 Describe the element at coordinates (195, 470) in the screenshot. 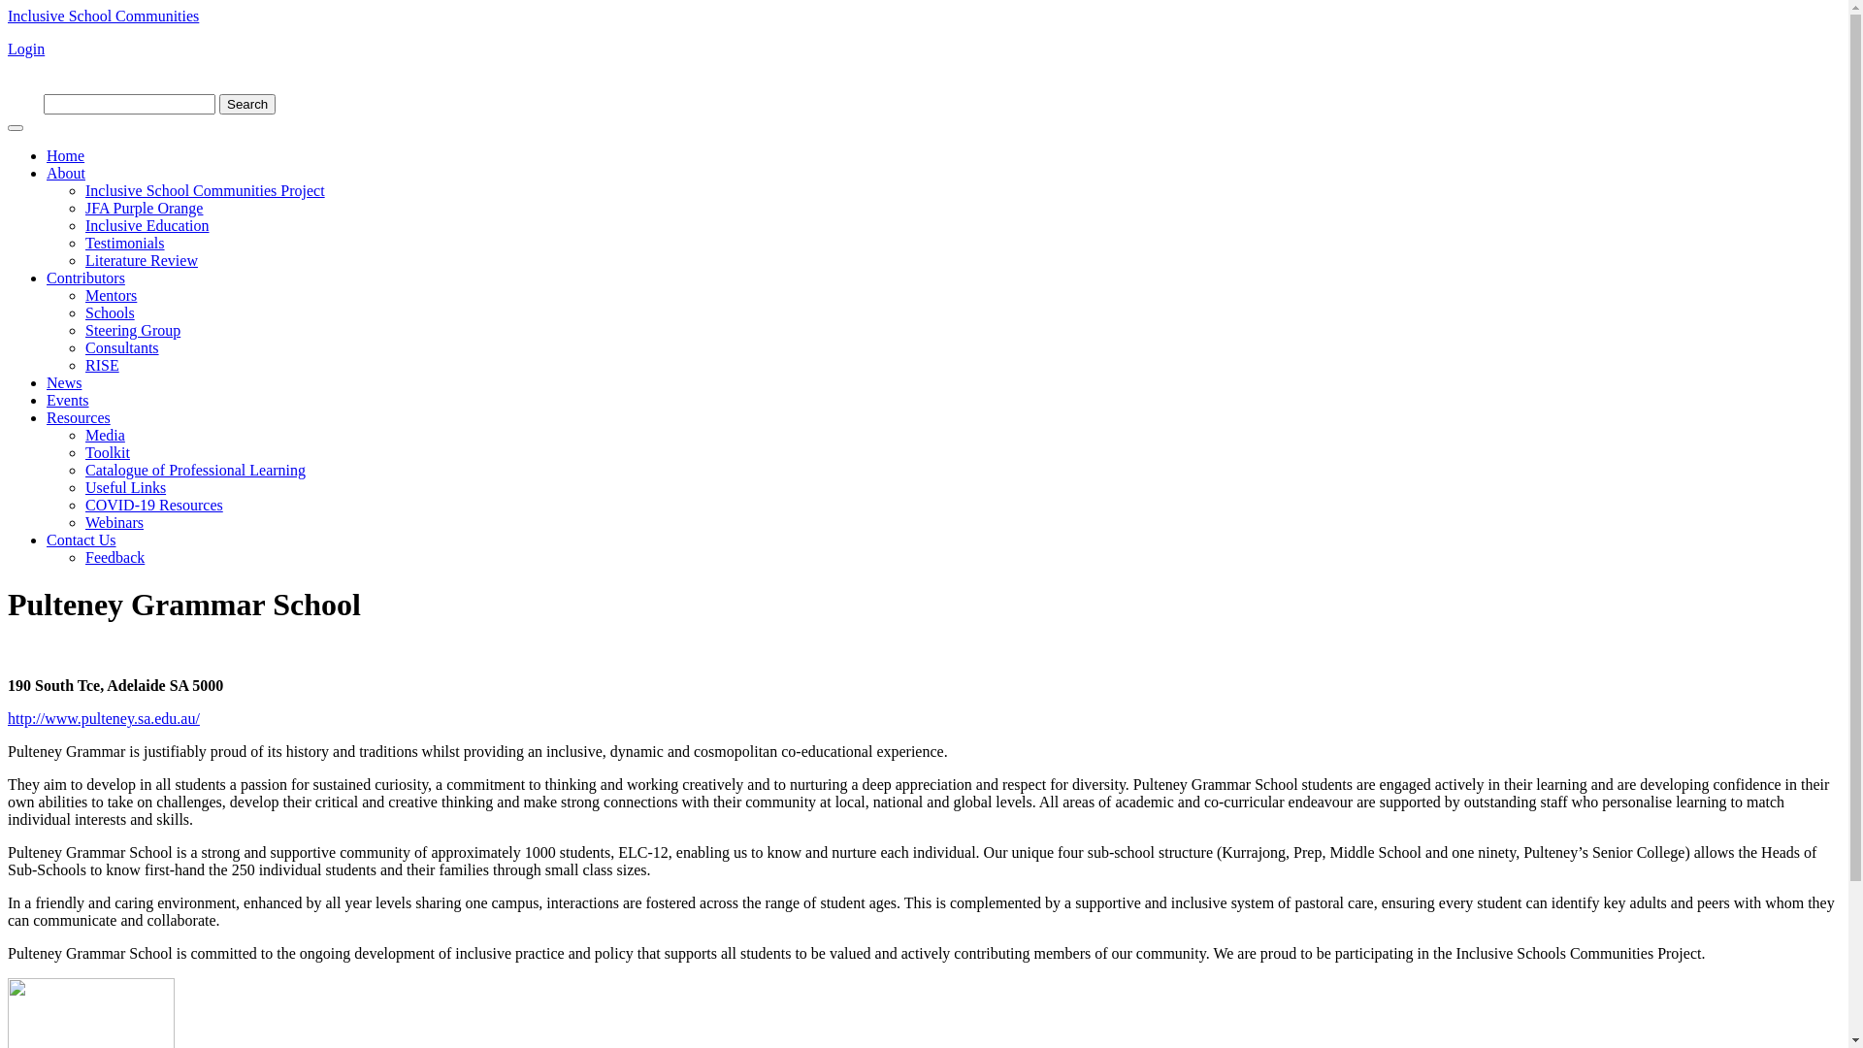

I see `'Catalogue of Professional Learning'` at that location.